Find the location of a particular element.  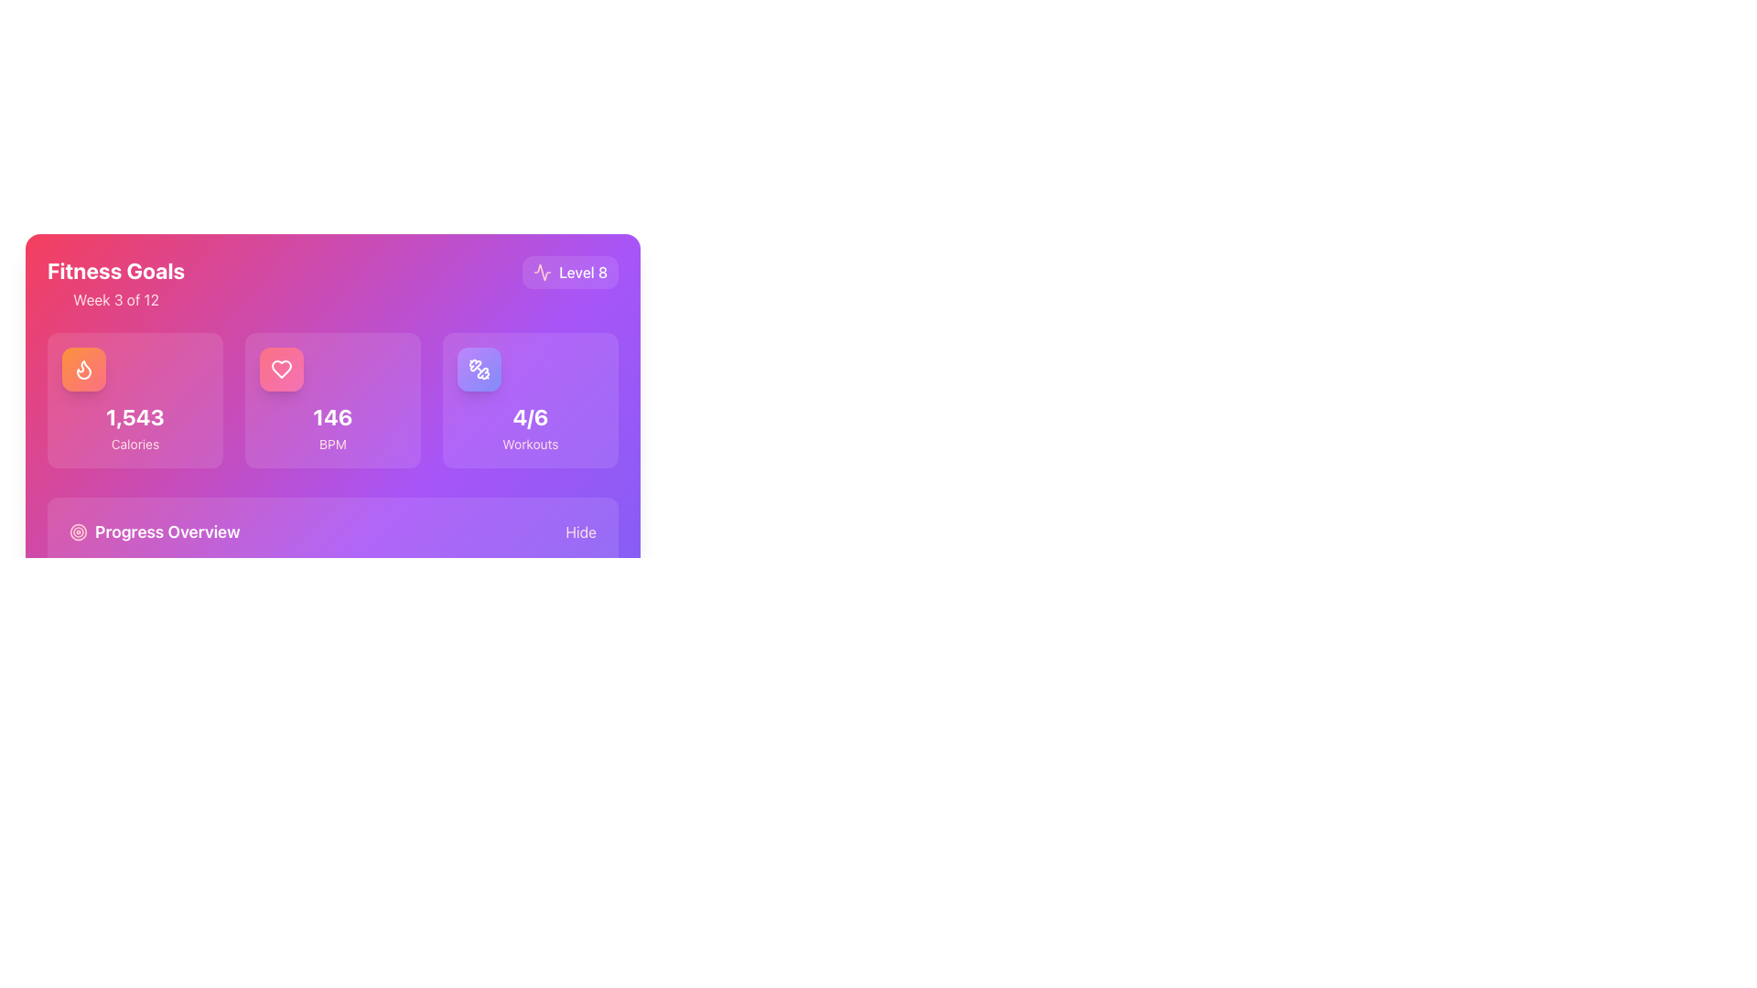

the circular icon displaying a flame symbol with a gradient background that is positioned at the top-left corner of the card showing '1,543 Calories' is located at coordinates (82, 370).